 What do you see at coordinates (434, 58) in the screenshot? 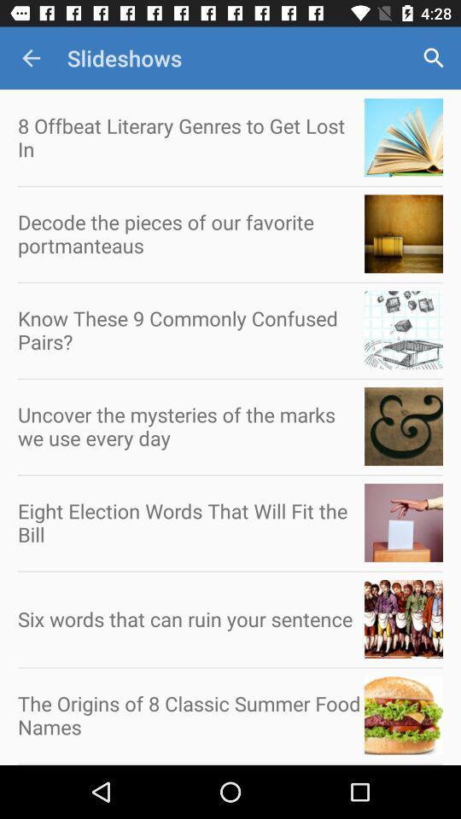
I see `the icon to the right of slideshows` at bounding box center [434, 58].